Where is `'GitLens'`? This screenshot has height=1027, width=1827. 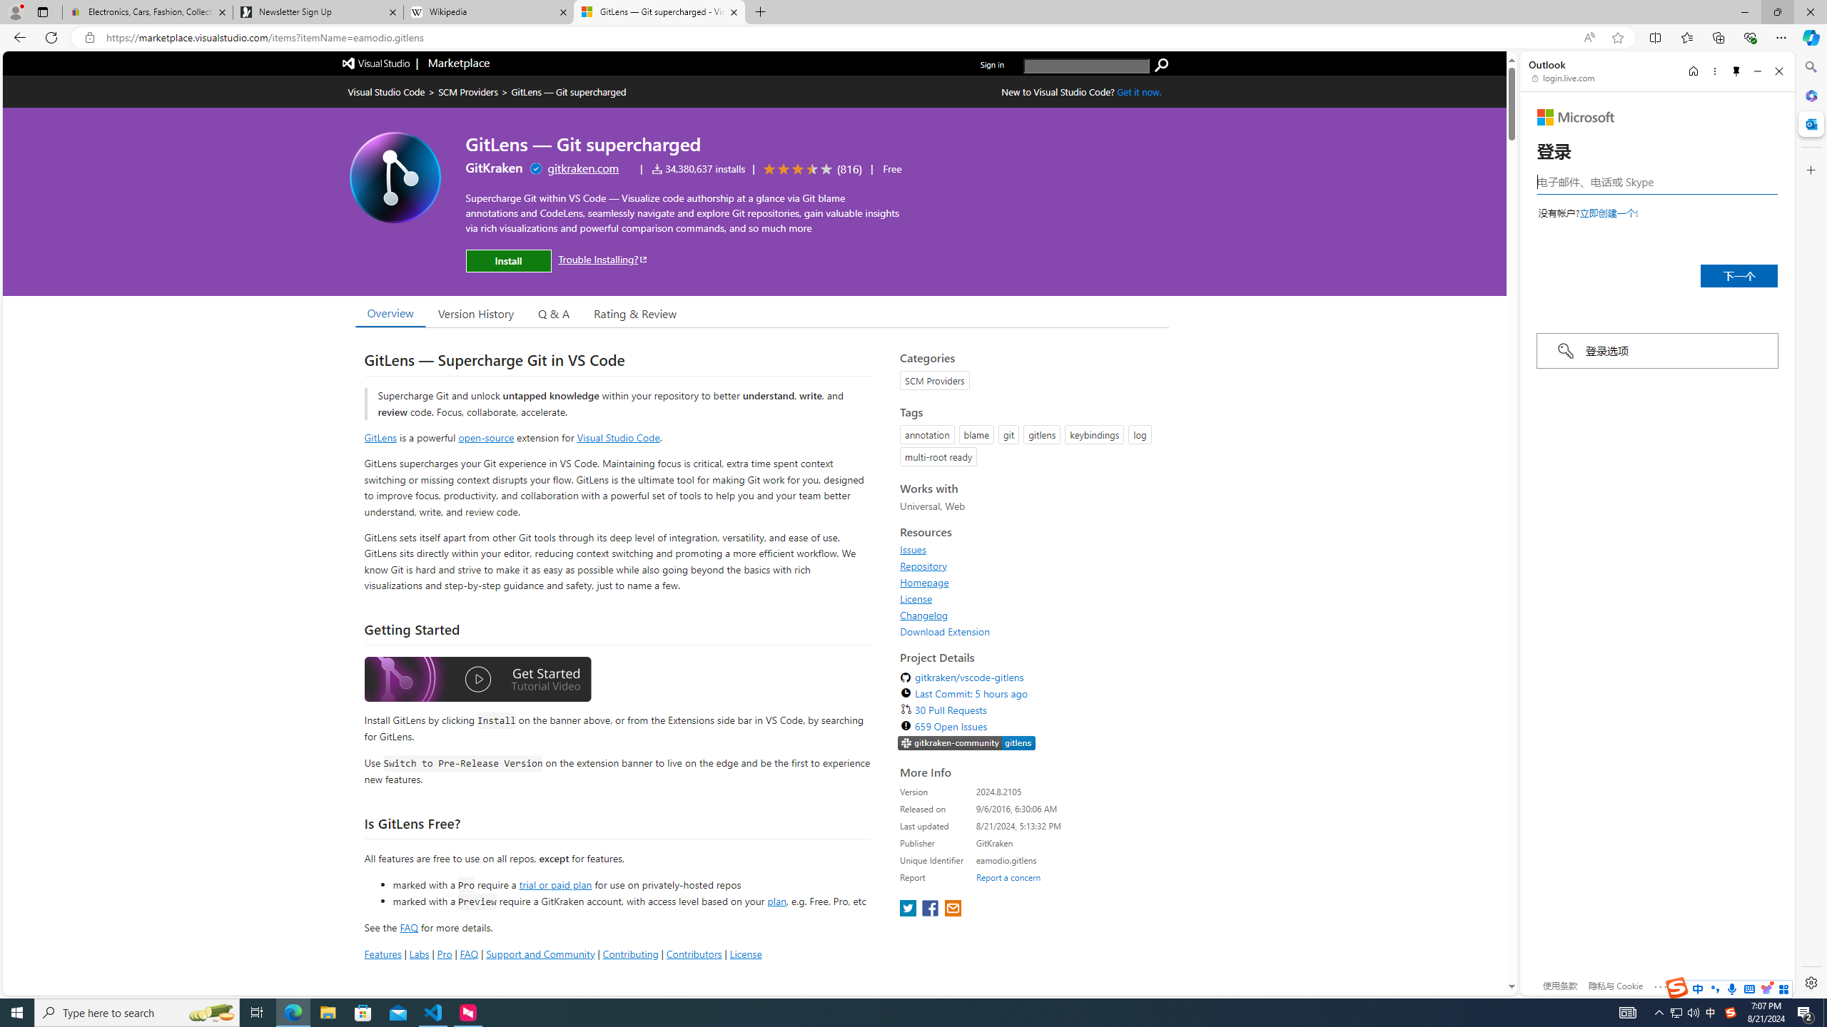
'GitLens' is located at coordinates (380, 436).